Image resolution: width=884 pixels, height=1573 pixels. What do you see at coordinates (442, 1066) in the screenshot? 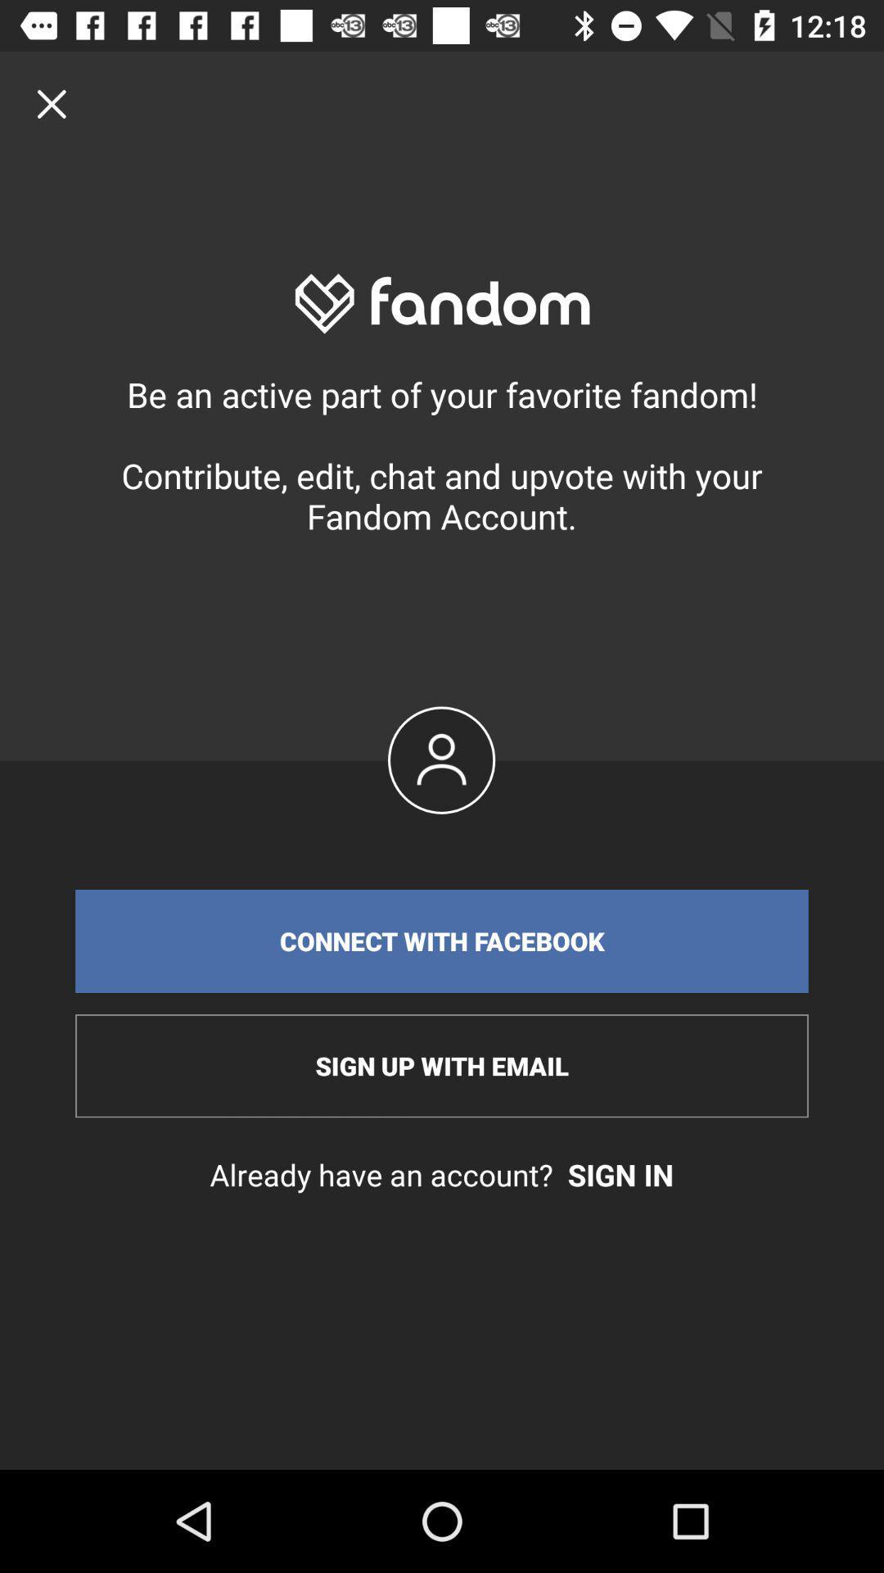
I see `item above already have an` at bounding box center [442, 1066].